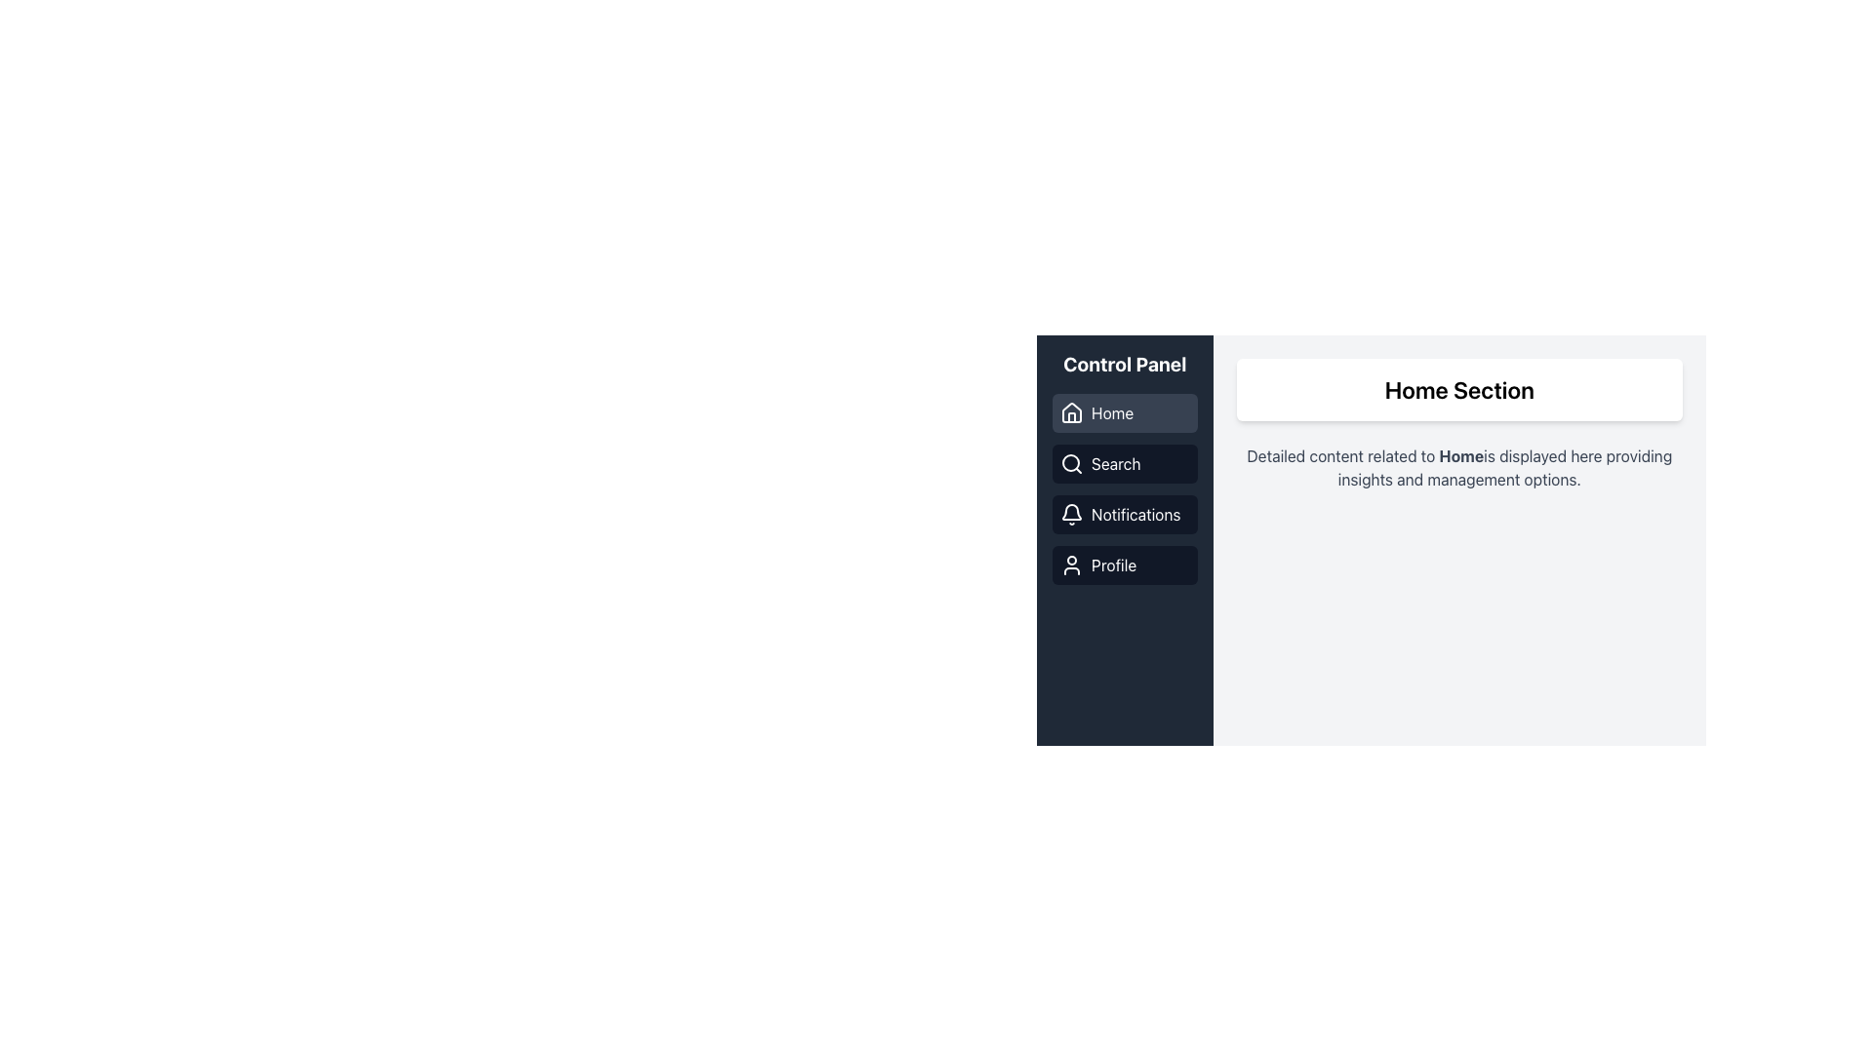 The image size is (1873, 1053). What do you see at coordinates (1116, 463) in the screenshot?
I see `the Text Label that indicates the 'Search' function, located in the left-side vertical navigation panel, between the 'Home' and 'Notifications' buttons` at bounding box center [1116, 463].